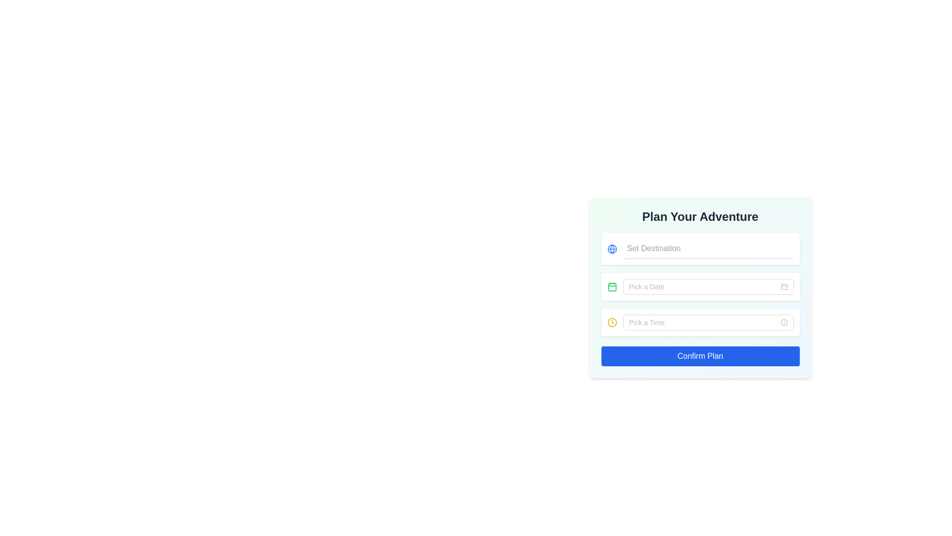 The width and height of the screenshot is (952, 536). Describe the element at coordinates (611, 323) in the screenshot. I see `the SVG circle element with a thin yellow border and transparent fill, which is part of the time selection icon located to the left of the 'Pick a Time' input field` at that location.